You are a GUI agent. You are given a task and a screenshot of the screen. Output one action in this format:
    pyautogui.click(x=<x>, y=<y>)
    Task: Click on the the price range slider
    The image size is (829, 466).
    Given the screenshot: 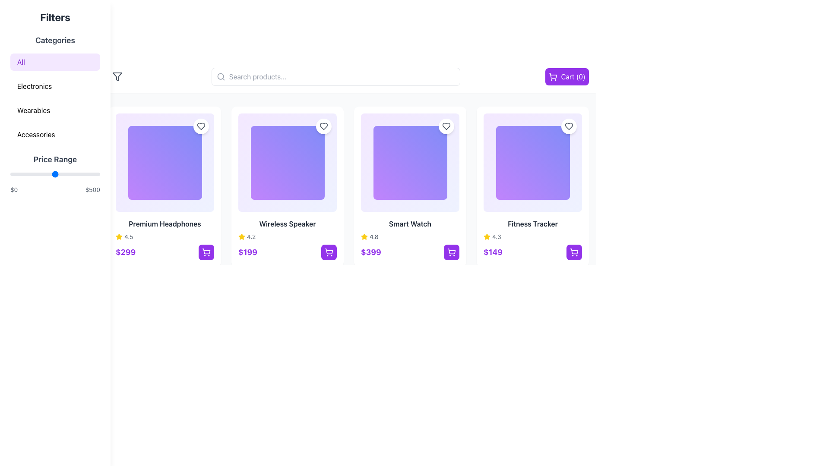 What is the action you would take?
    pyautogui.click(x=52, y=174)
    